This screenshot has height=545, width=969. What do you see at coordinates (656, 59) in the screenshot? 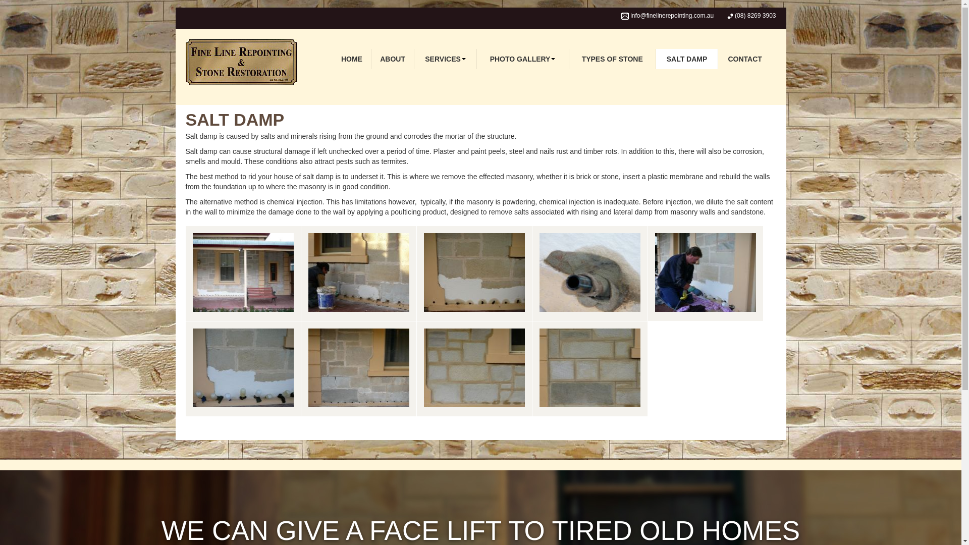
I see `'SALT DAMP'` at bounding box center [656, 59].